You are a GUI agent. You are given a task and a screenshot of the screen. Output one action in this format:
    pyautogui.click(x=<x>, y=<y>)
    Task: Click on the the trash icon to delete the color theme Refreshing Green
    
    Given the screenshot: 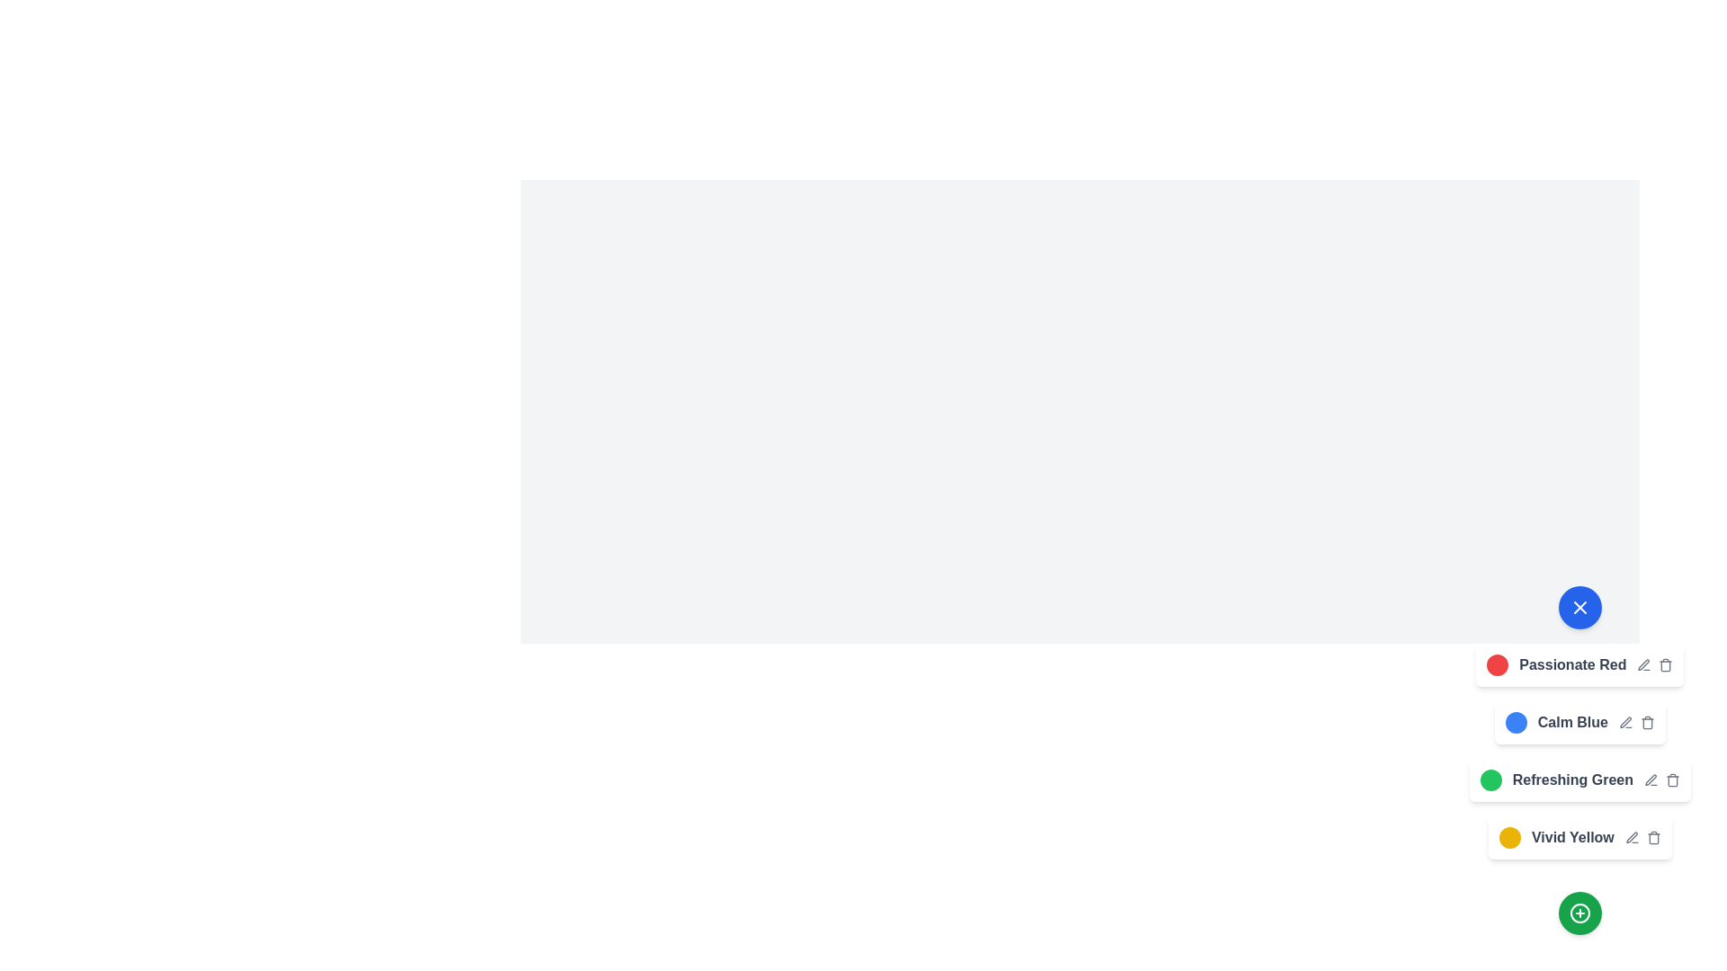 What is the action you would take?
    pyautogui.click(x=1672, y=779)
    